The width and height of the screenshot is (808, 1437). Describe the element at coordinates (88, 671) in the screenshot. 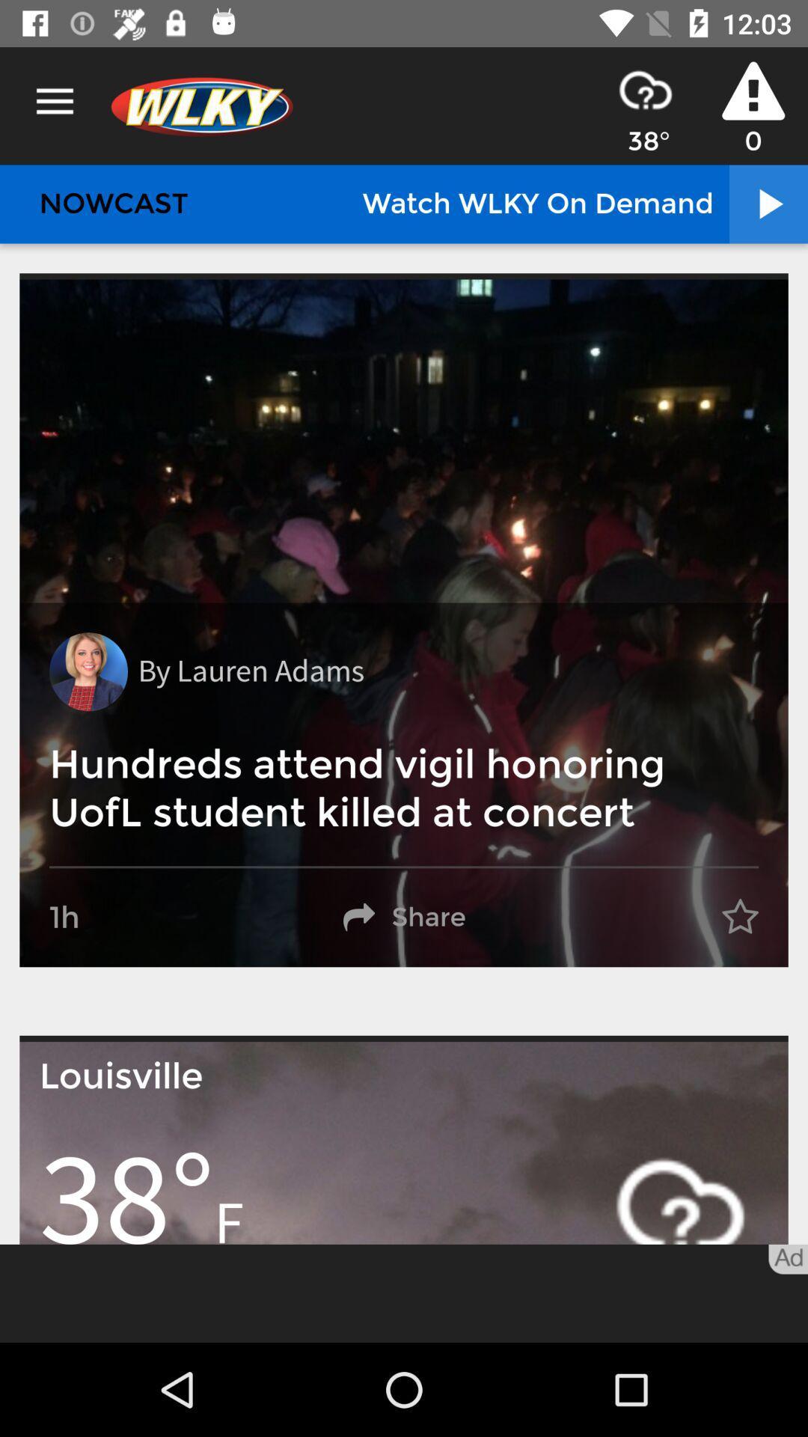

I see `the icon to the left of by lauren adams` at that location.